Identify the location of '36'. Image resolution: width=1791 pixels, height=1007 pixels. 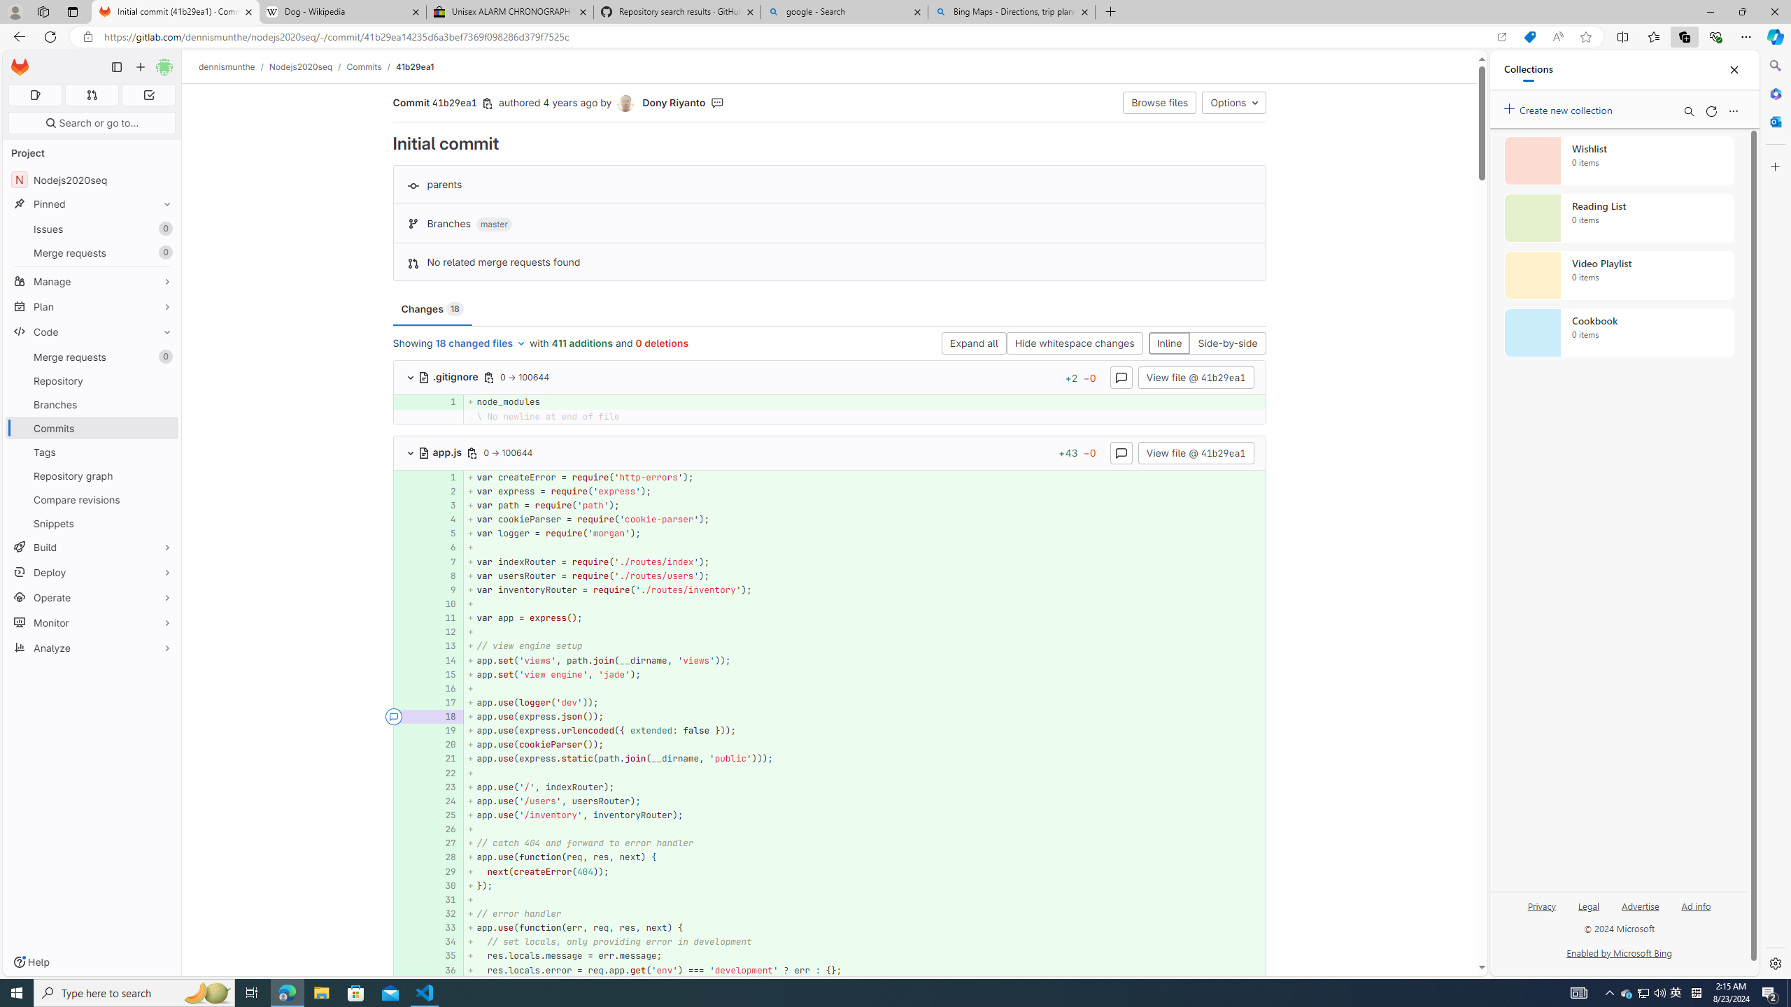
(445, 969).